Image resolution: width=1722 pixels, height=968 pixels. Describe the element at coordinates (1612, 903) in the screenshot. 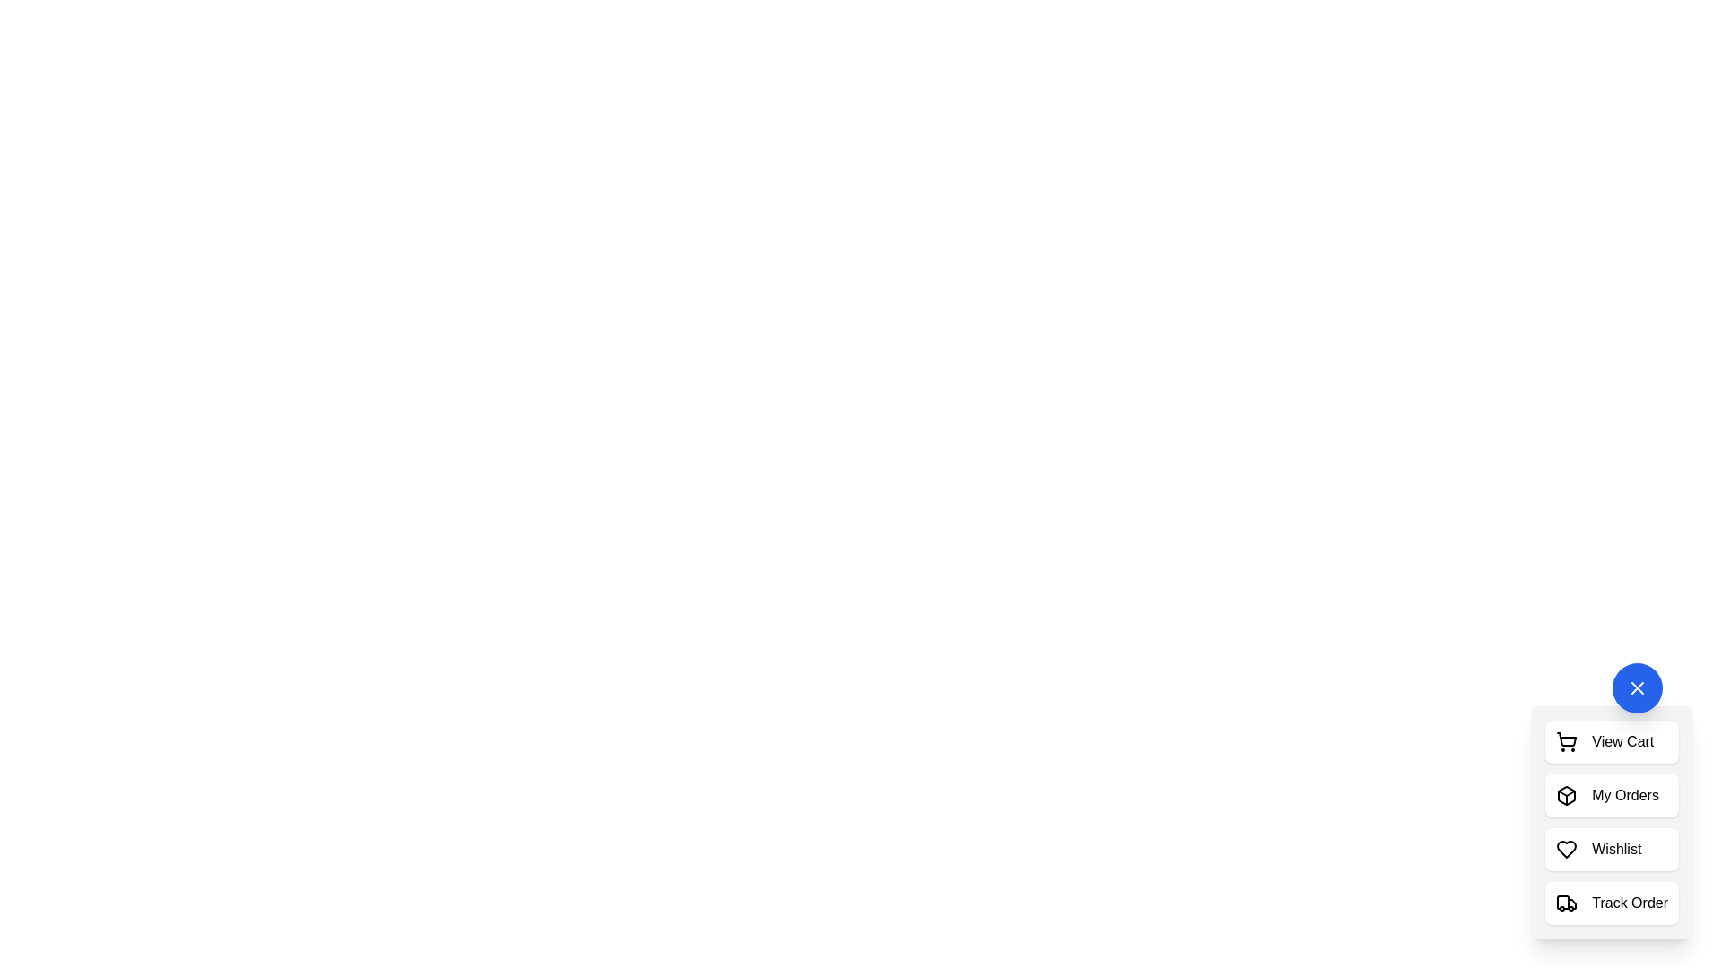

I see `the 'Track Order' button` at that location.